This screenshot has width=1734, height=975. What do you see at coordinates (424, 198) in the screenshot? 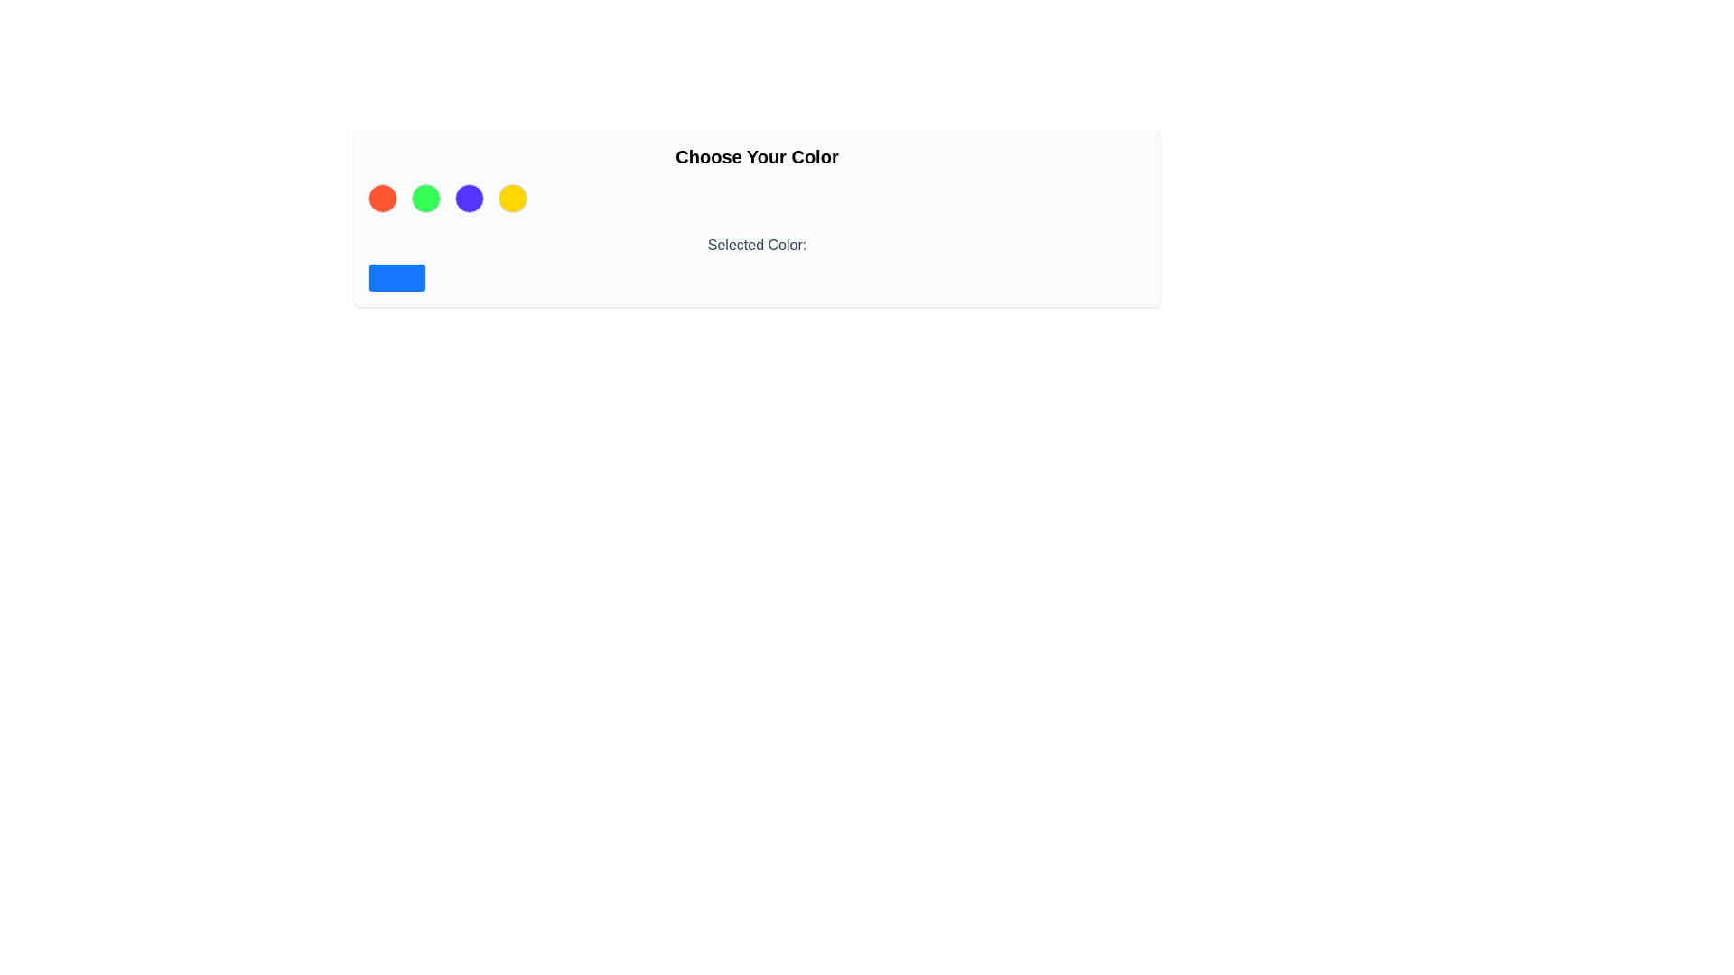
I see `the second circular color indicator in the color selection group located below the 'Choose Your Color' label` at bounding box center [424, 198].